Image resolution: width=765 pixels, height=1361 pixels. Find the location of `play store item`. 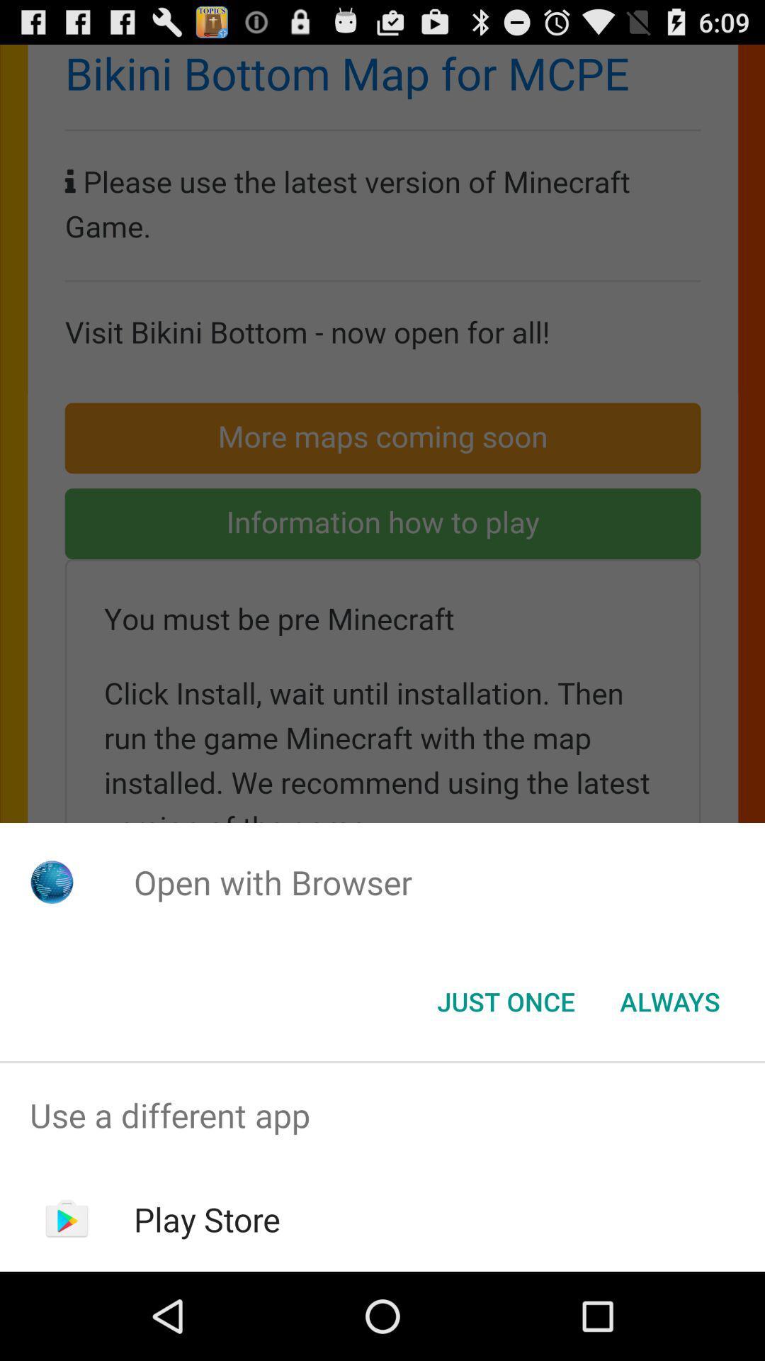

play store item is located at coordinates (207, 1219).